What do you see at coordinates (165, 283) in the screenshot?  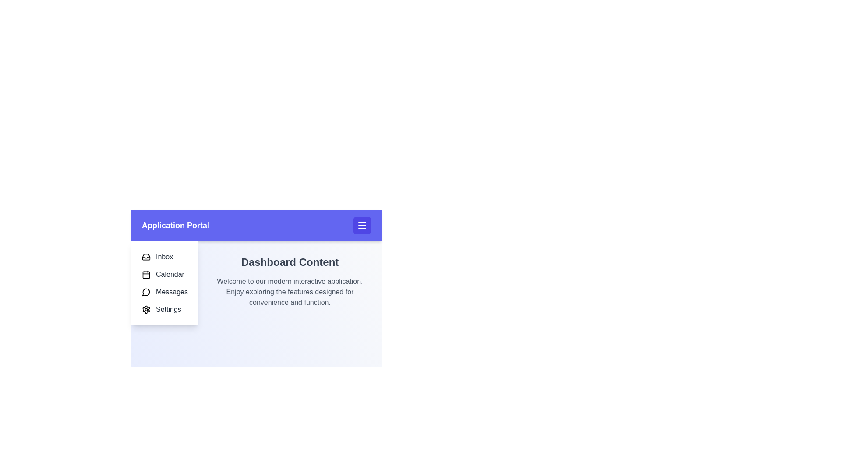 I see `the 'Messages' option in the sidebar menu located on the left edge of the interface` at bounding box center [165, 283].